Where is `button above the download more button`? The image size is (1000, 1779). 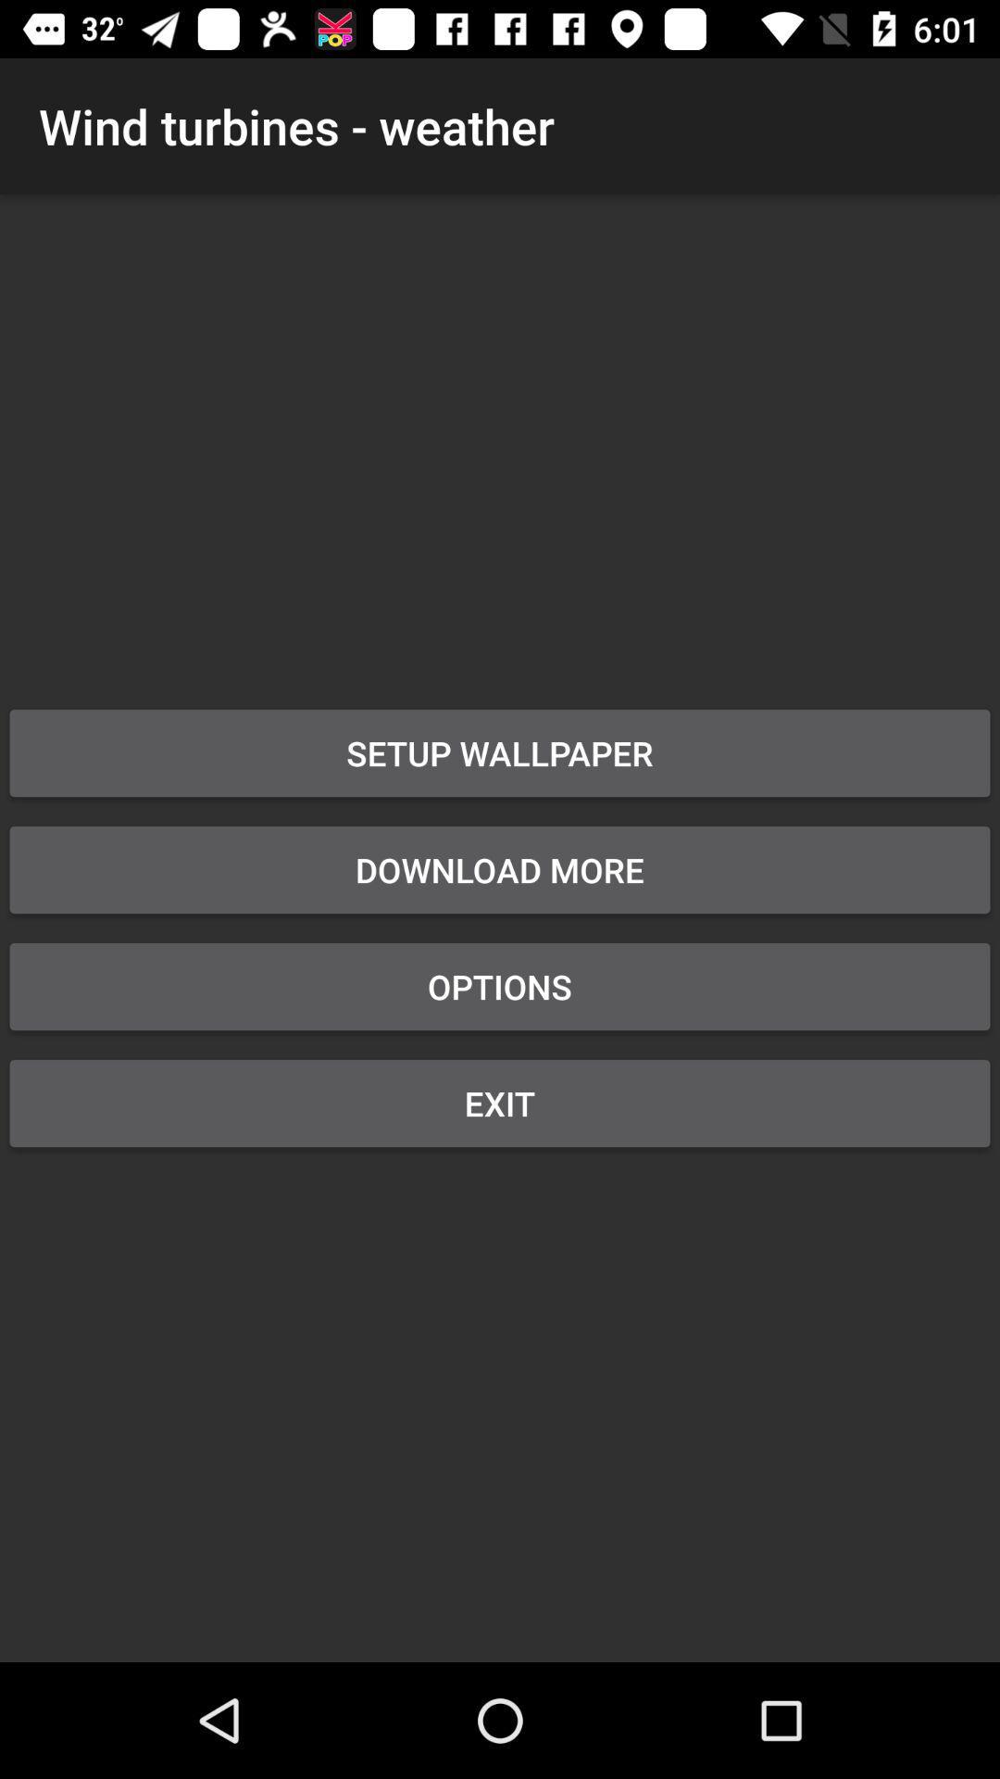 button above the download more button is located at coordinates (500, 752).